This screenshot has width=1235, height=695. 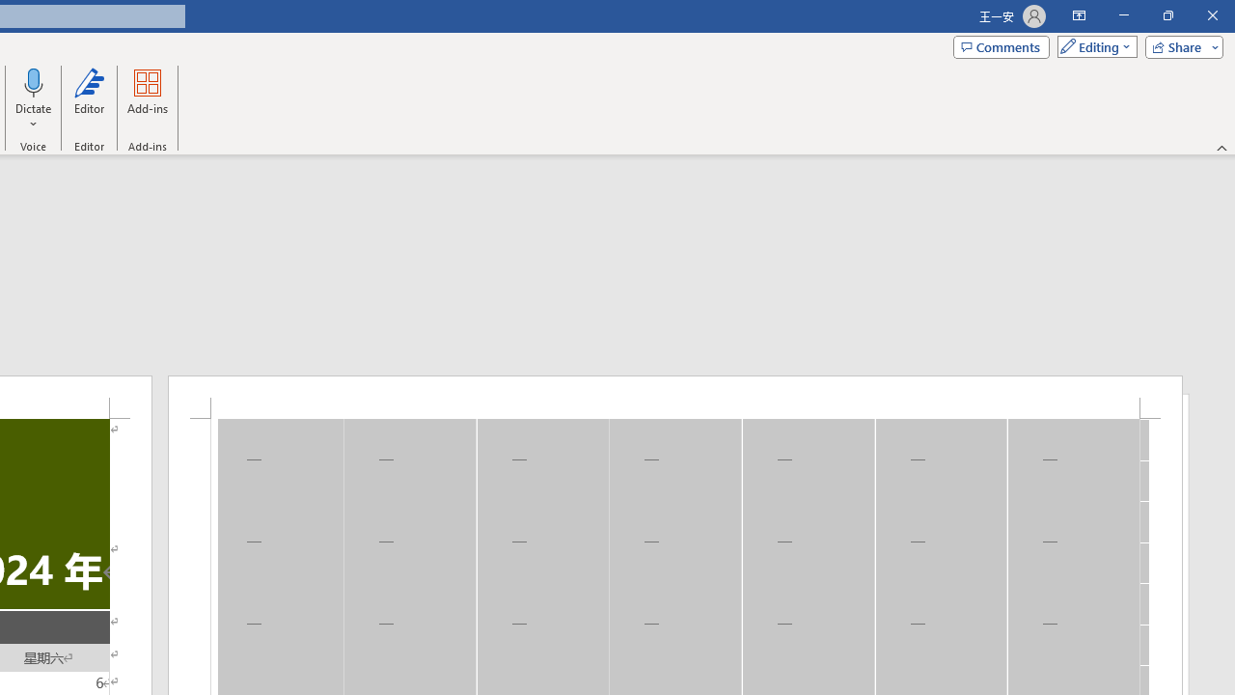 What do you see at coordinates (1123, 15) in the screenshot?
I see `'Minimize'` at bounding box center [1123, 15].